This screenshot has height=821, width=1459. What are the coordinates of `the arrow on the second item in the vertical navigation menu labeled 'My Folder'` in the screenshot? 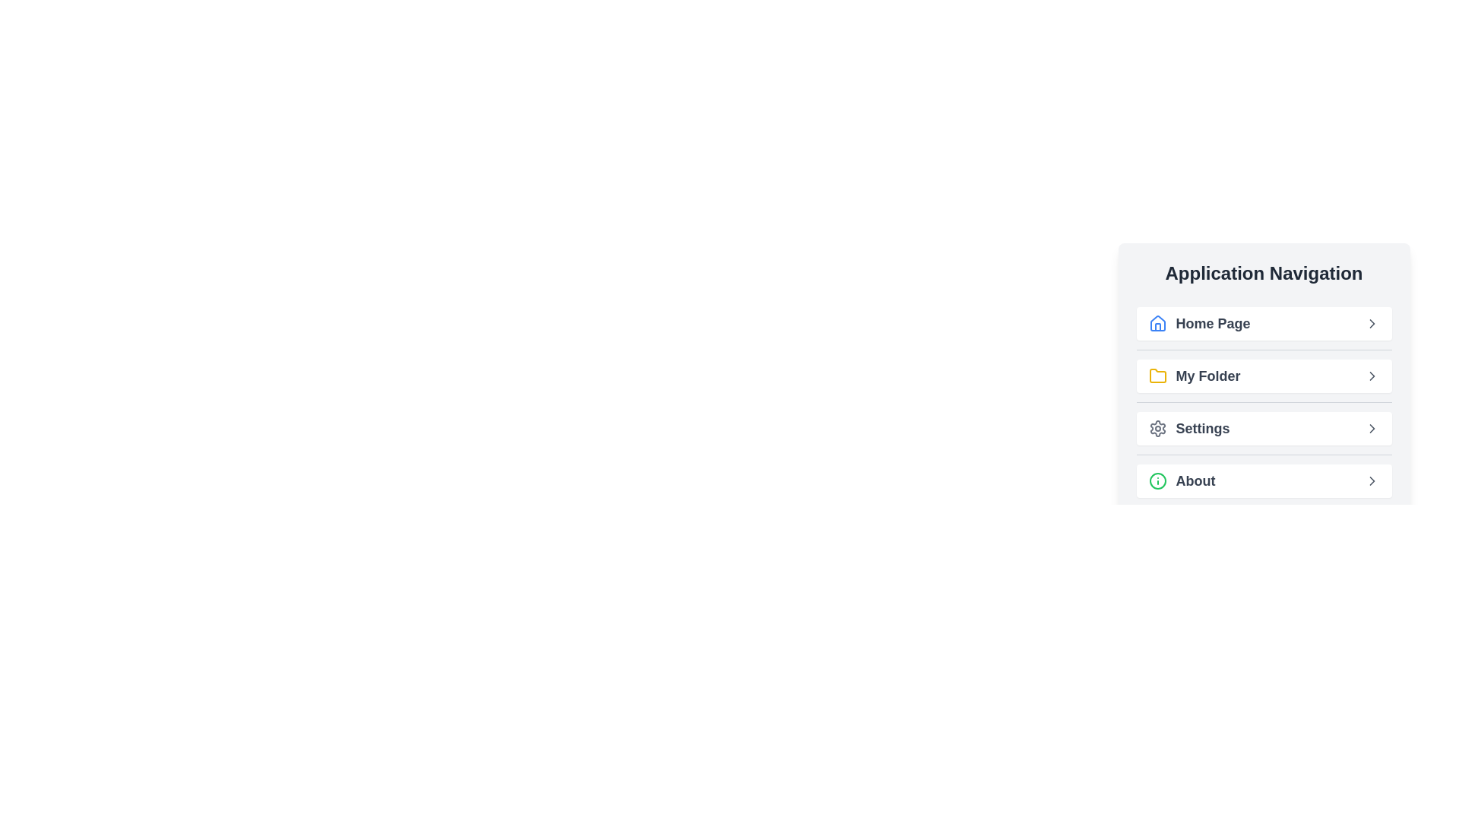 It's located at (1264, 376).